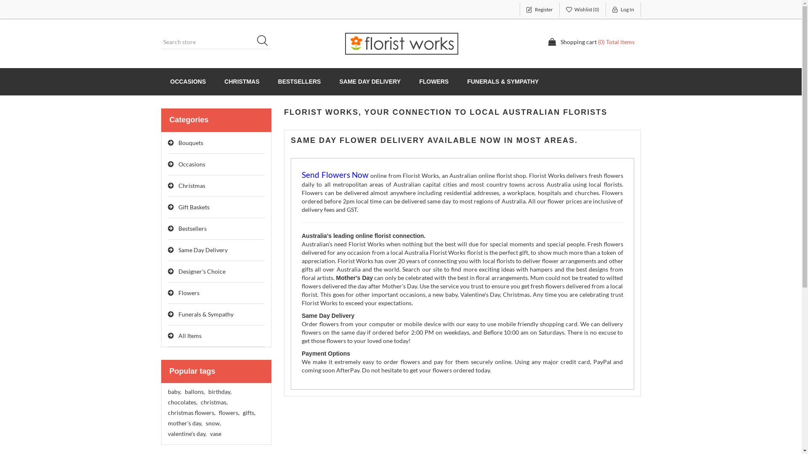 The image size is (808, 454). Describe the element at coordinates (216, 164) in the screenshot. I see `'Occasions'` at that location.